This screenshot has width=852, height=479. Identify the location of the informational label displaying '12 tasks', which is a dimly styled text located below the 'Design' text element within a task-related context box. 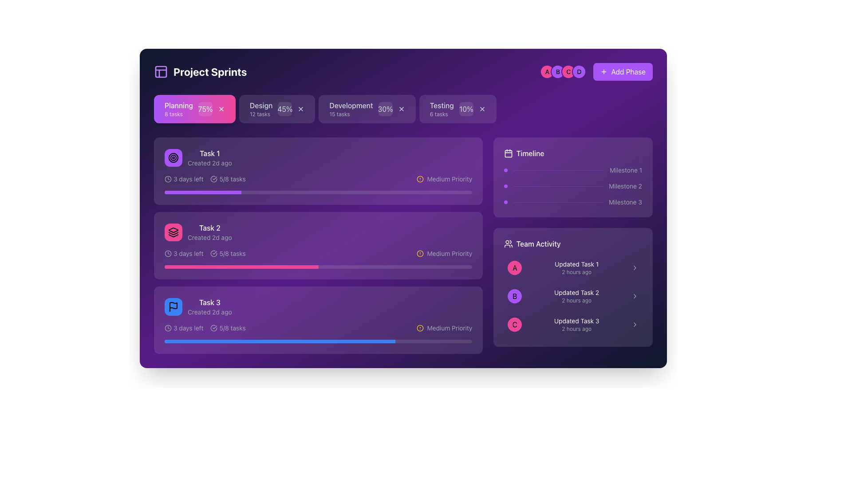
(259, 114).